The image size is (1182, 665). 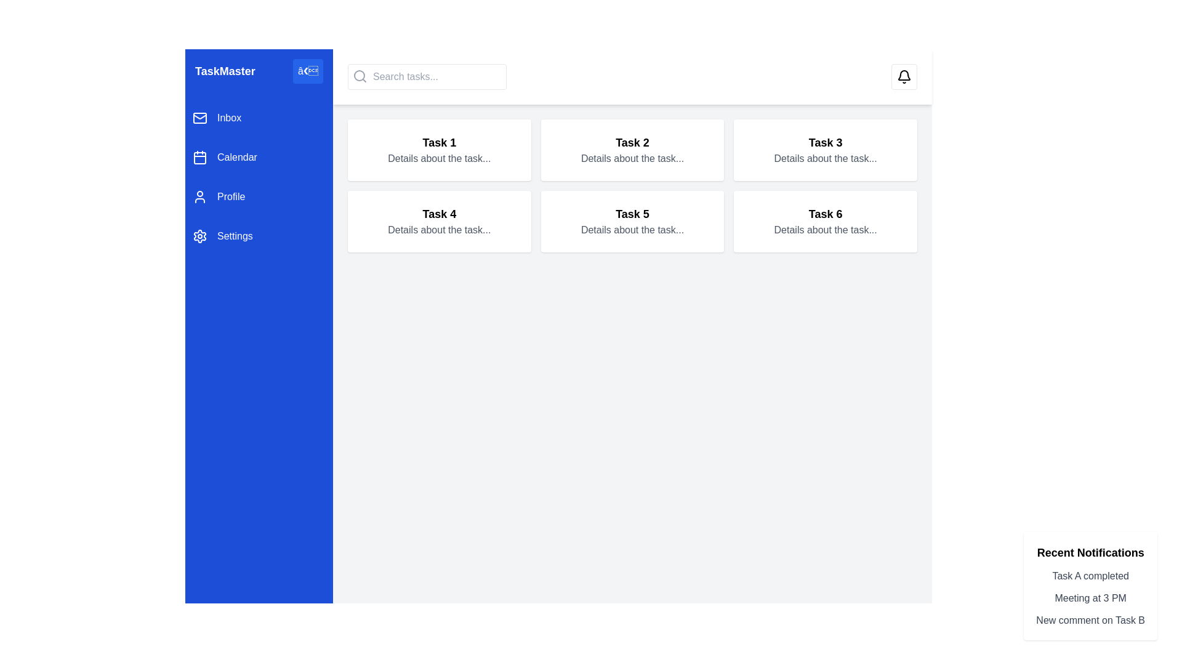 What do you see at coordinates (1090, 598) in the screenshot?
I see `the static text notification that reads 'Meeting at 3 PM' in the 'Recent Notifications' section` at bounding box center [1090, 598].